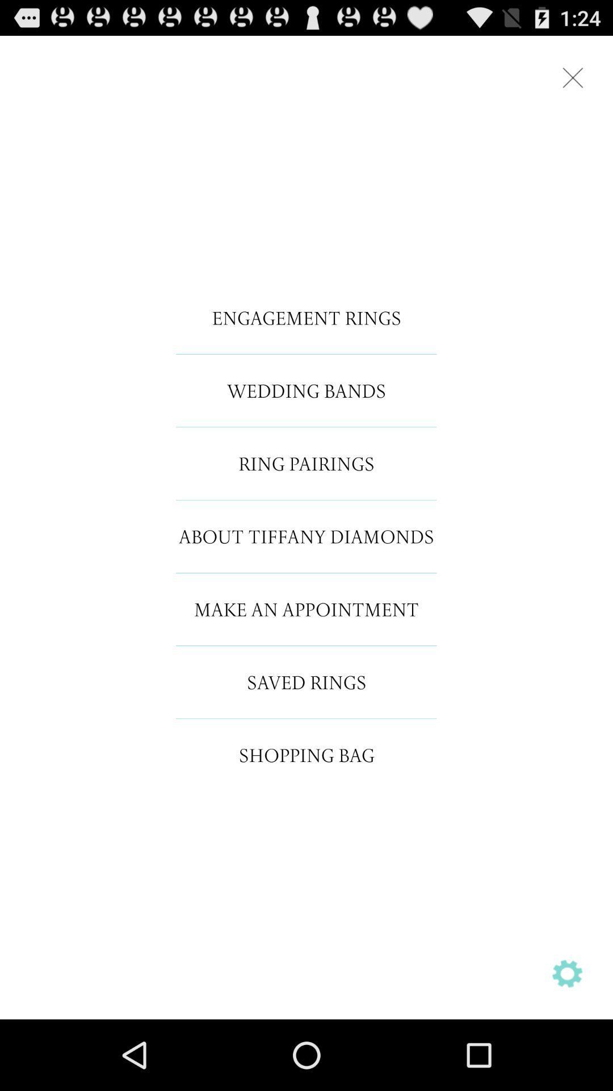 Image resolution: width=613 pixels, height=1091 pixels. Describe the element at coordinates (573, 82) in the screenshot. I see `the close icon` at that location.